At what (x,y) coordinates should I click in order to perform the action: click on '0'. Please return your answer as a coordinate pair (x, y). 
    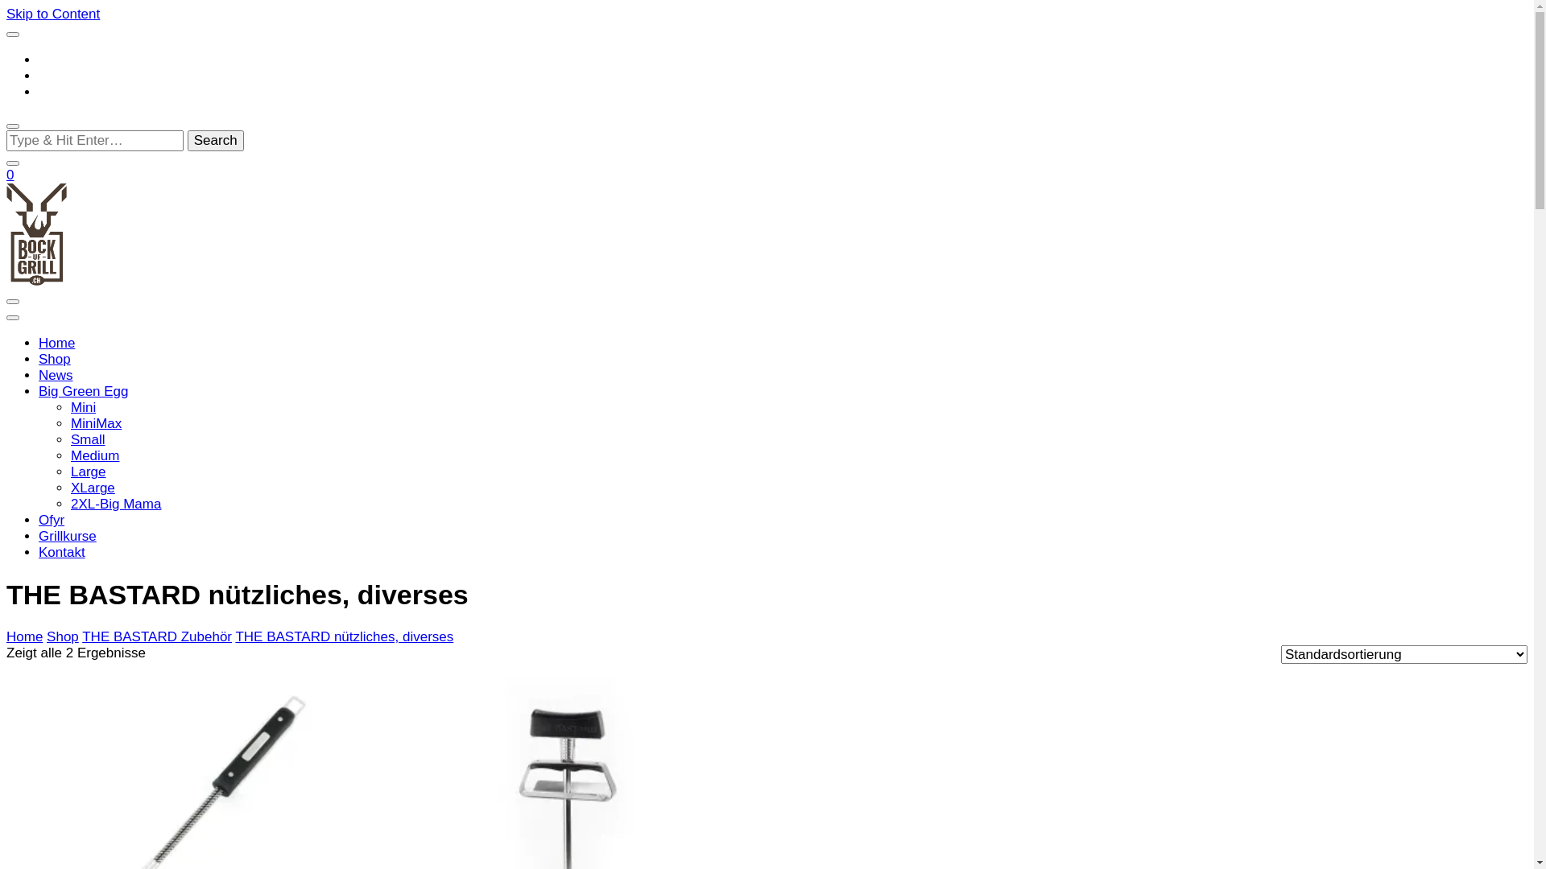
    Looking at the image, I should click on (10, 175).